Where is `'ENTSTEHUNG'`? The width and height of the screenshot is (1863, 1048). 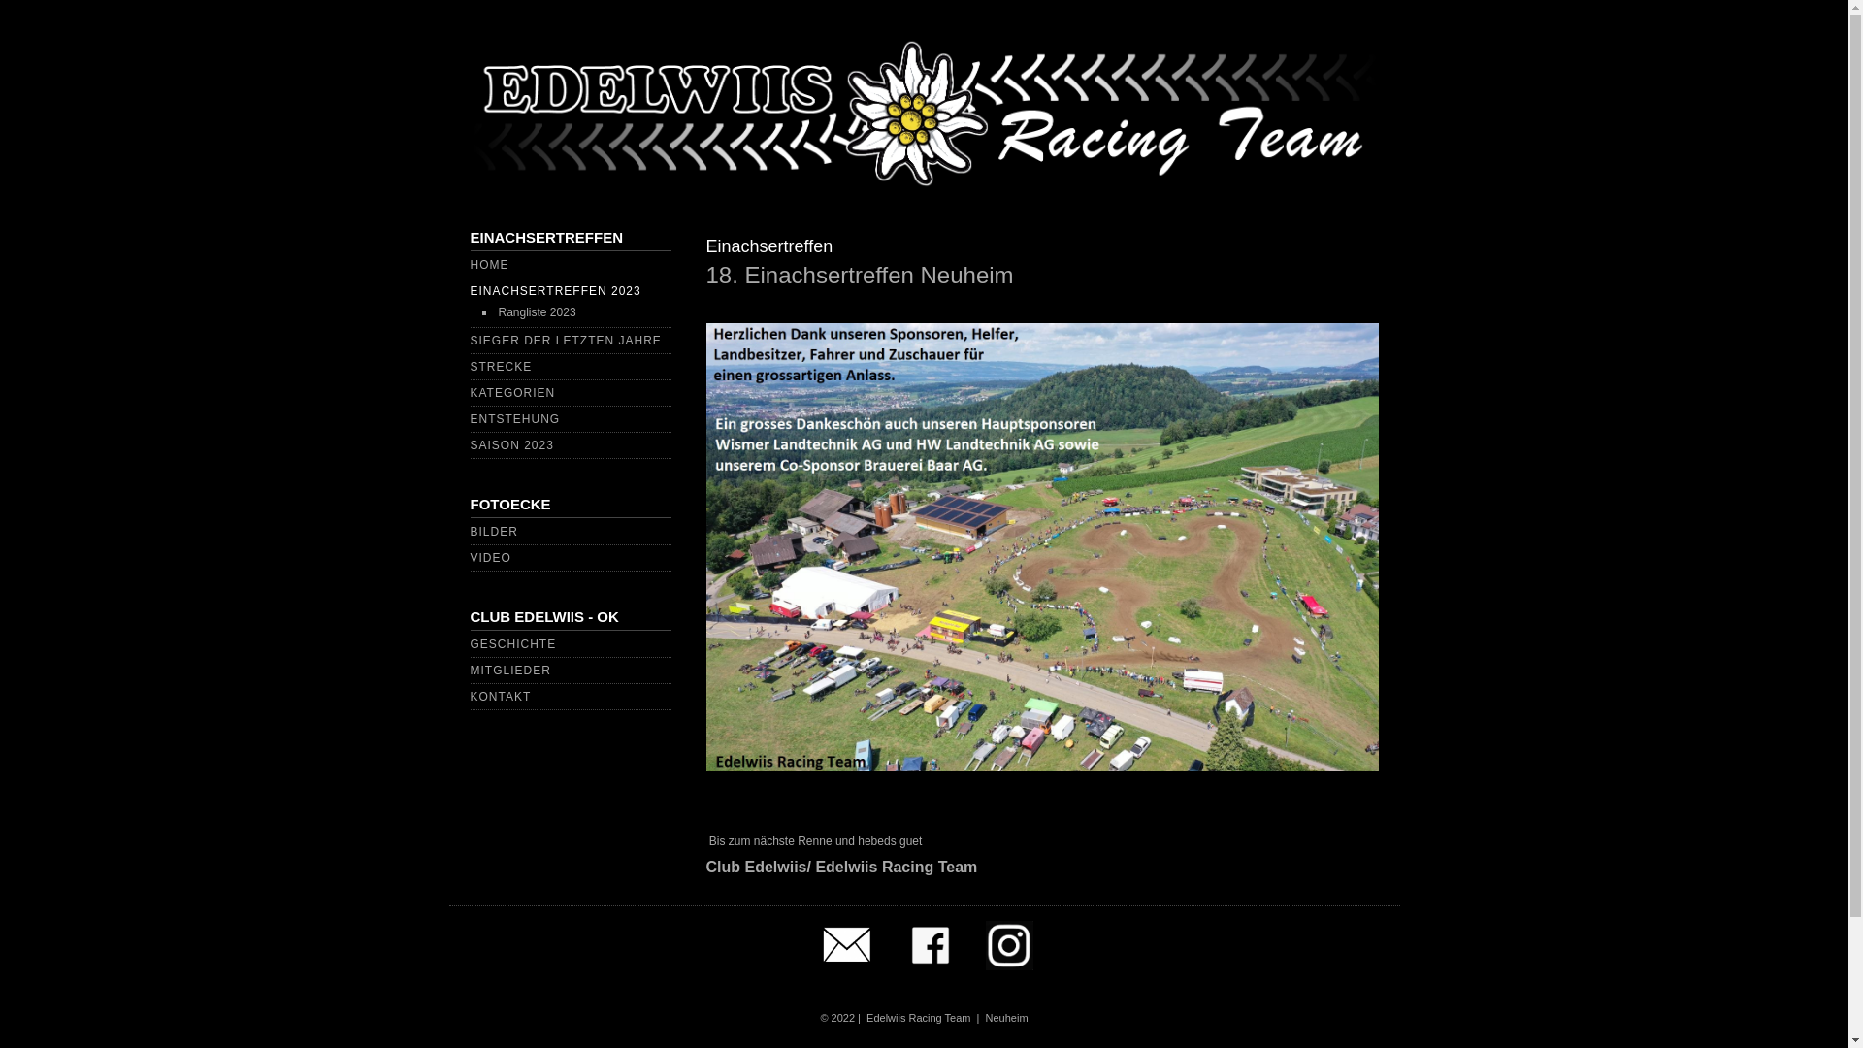 'ENTSTEHUNG' is located at coordinates (514, 418).